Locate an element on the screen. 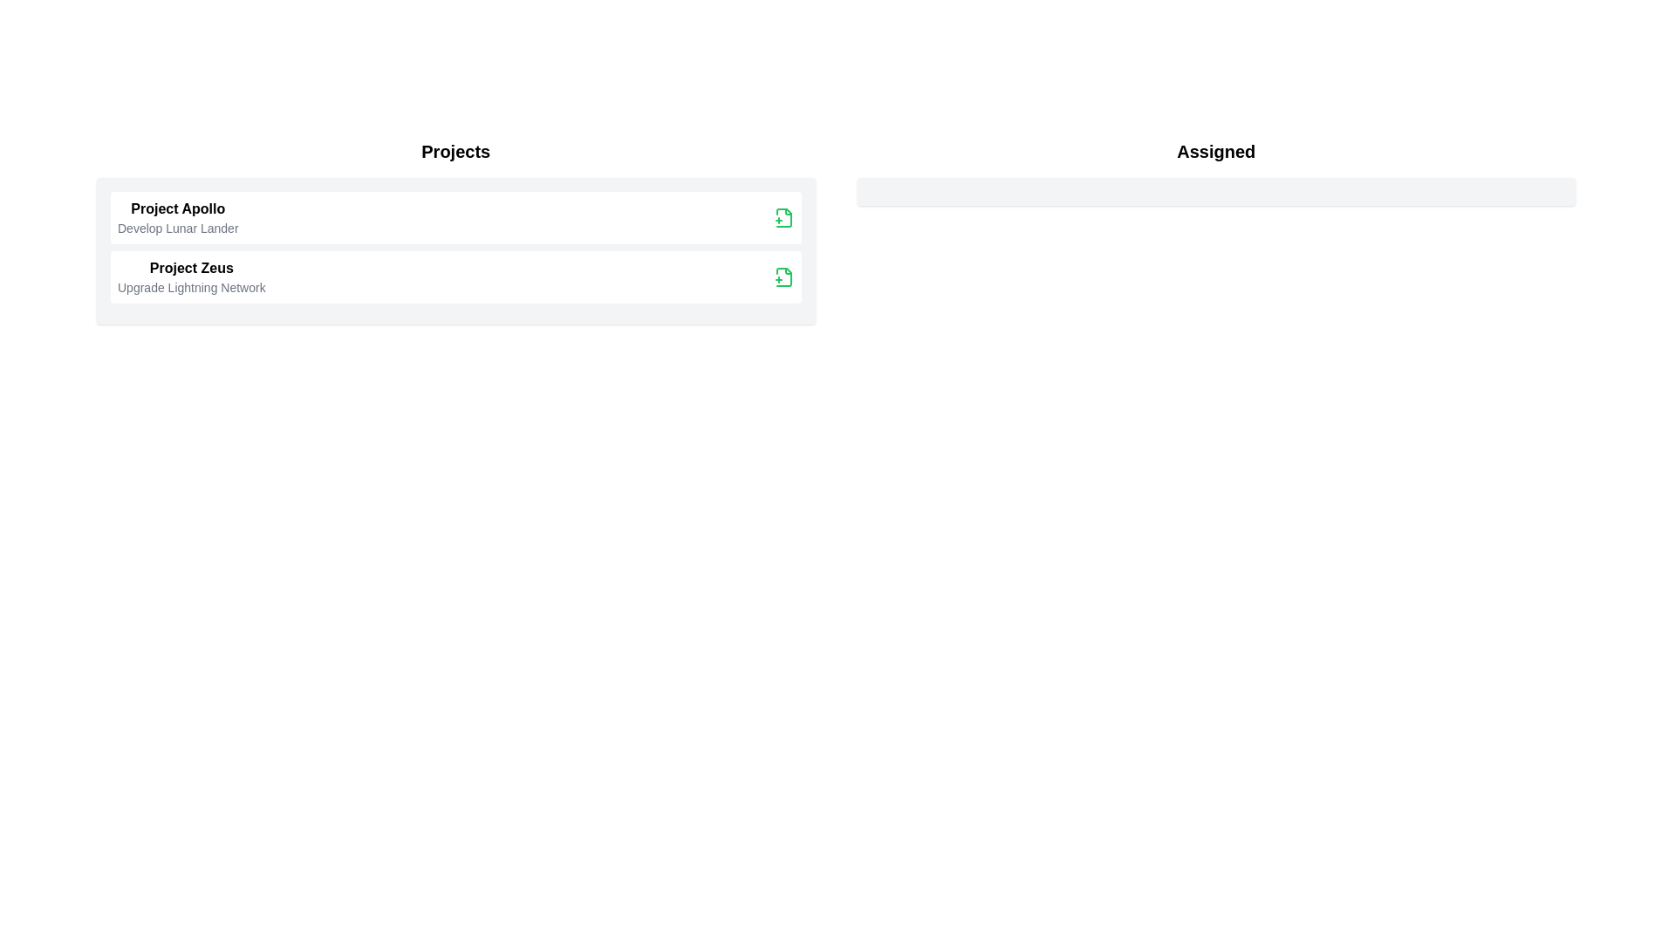  the project item Project Zeus to the assigned list is located at coordinates (191, 276).